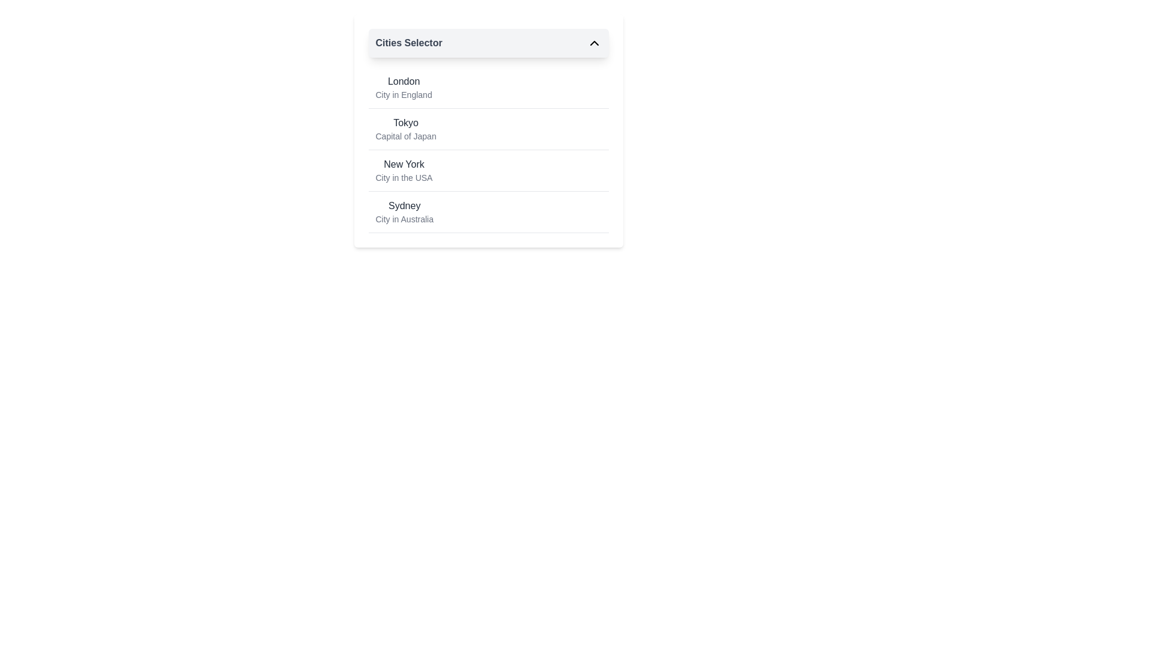  Describe the element at coordinates (404, 212) in the screenshot. I see `the selectable city option 'Sydney, City in Australia' in the dropdown menu` at that location.